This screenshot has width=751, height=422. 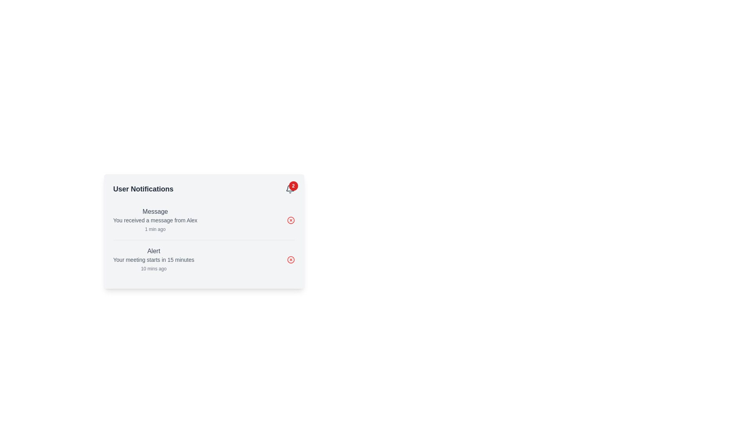 I want to click on main and subtext content within the first Notification card that notifies the user of a recent message from 'Alex', so click(x=204, y=220).